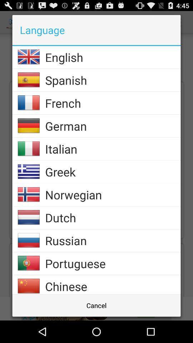  What do you see at coordinates (113, 126) in the screenshot?
I see `icon below french` at bounding box center [113, 126].